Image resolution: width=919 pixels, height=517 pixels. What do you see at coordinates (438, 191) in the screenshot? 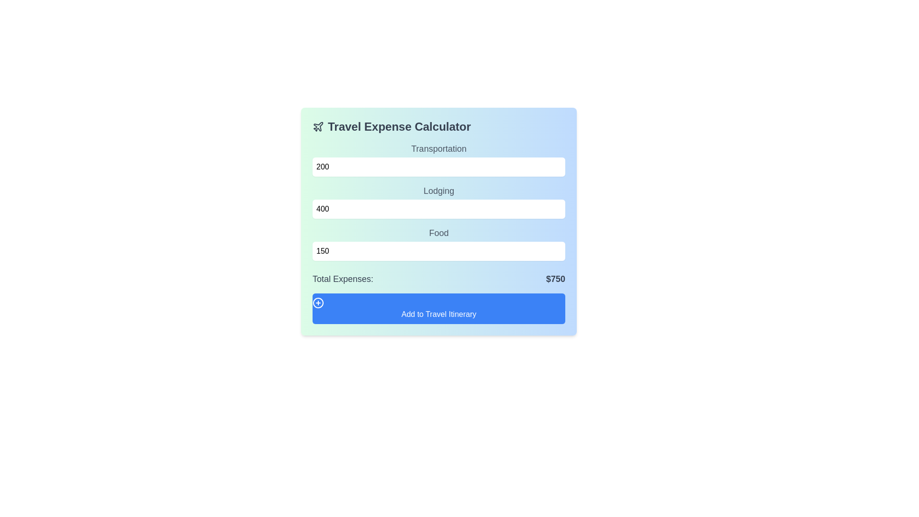
I see `the text label reading 'Lodging', which is displayed centrally in a medium gray font and serves as a heading for an input component below it` at bounding box center [438, 191].